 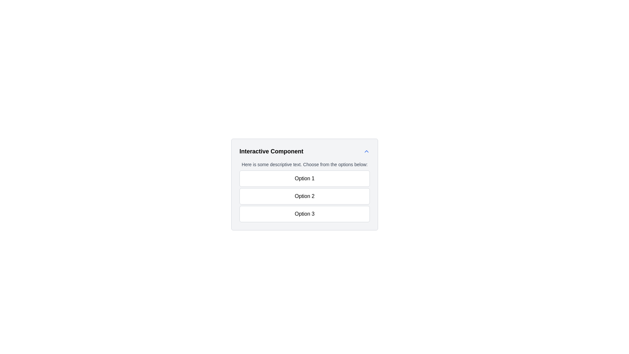 I want to click on the 'Option 2' button, which is the second button in a vertical stack of three buttons, so click(x=304, y=196).